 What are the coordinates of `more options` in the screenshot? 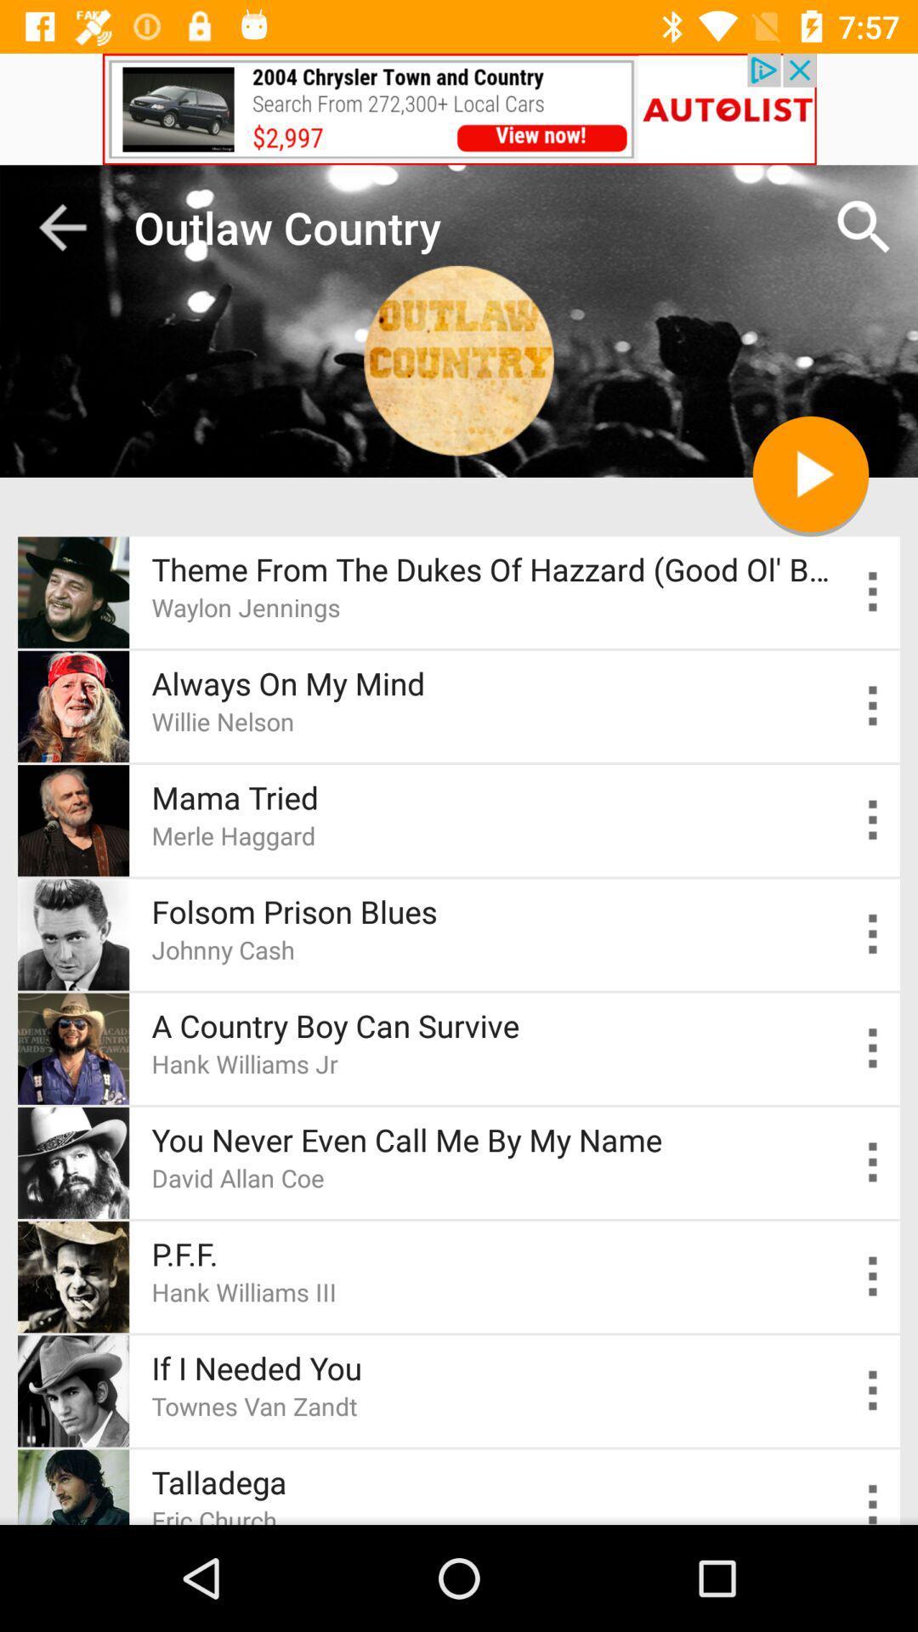 It's located at (873, 1277).